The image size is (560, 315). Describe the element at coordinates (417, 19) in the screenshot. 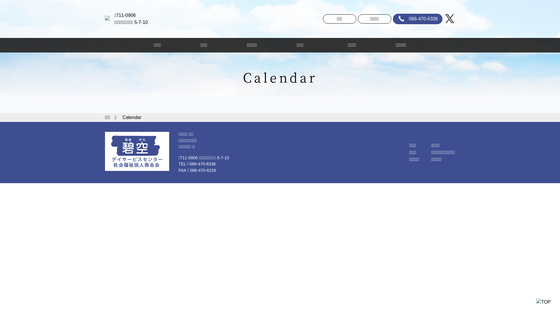

I see `'086-470-6336'` at that location.